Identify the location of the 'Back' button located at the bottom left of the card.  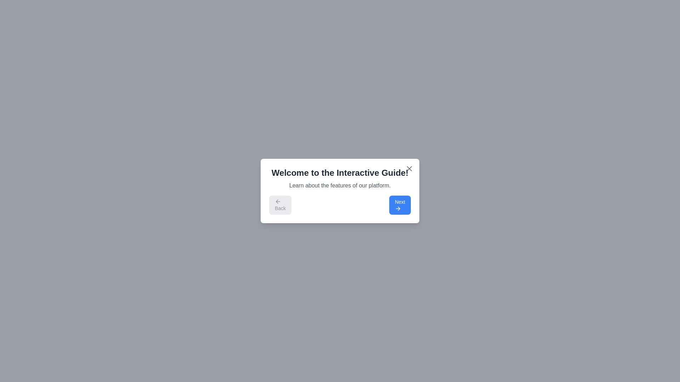
(277, 202).